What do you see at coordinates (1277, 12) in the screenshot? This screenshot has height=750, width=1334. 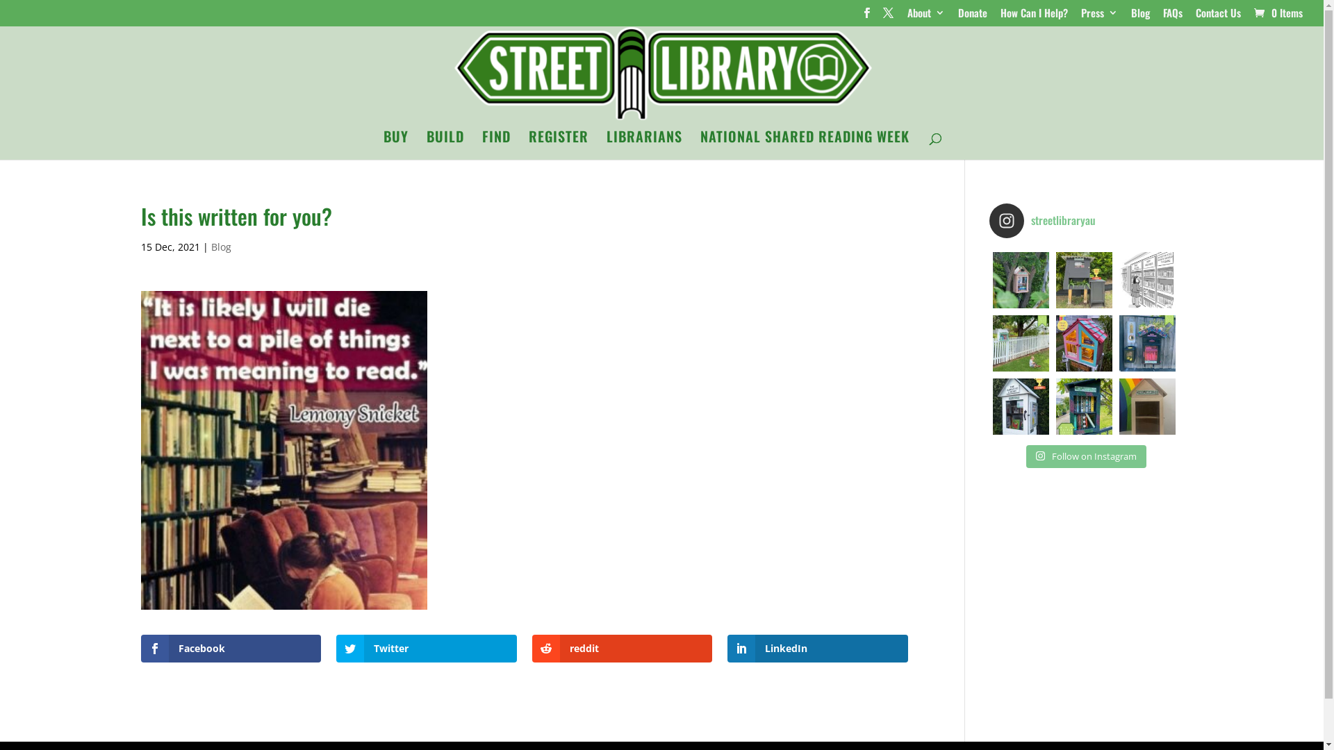 I see `'0 Items'` at bounding box center [1277, 12].